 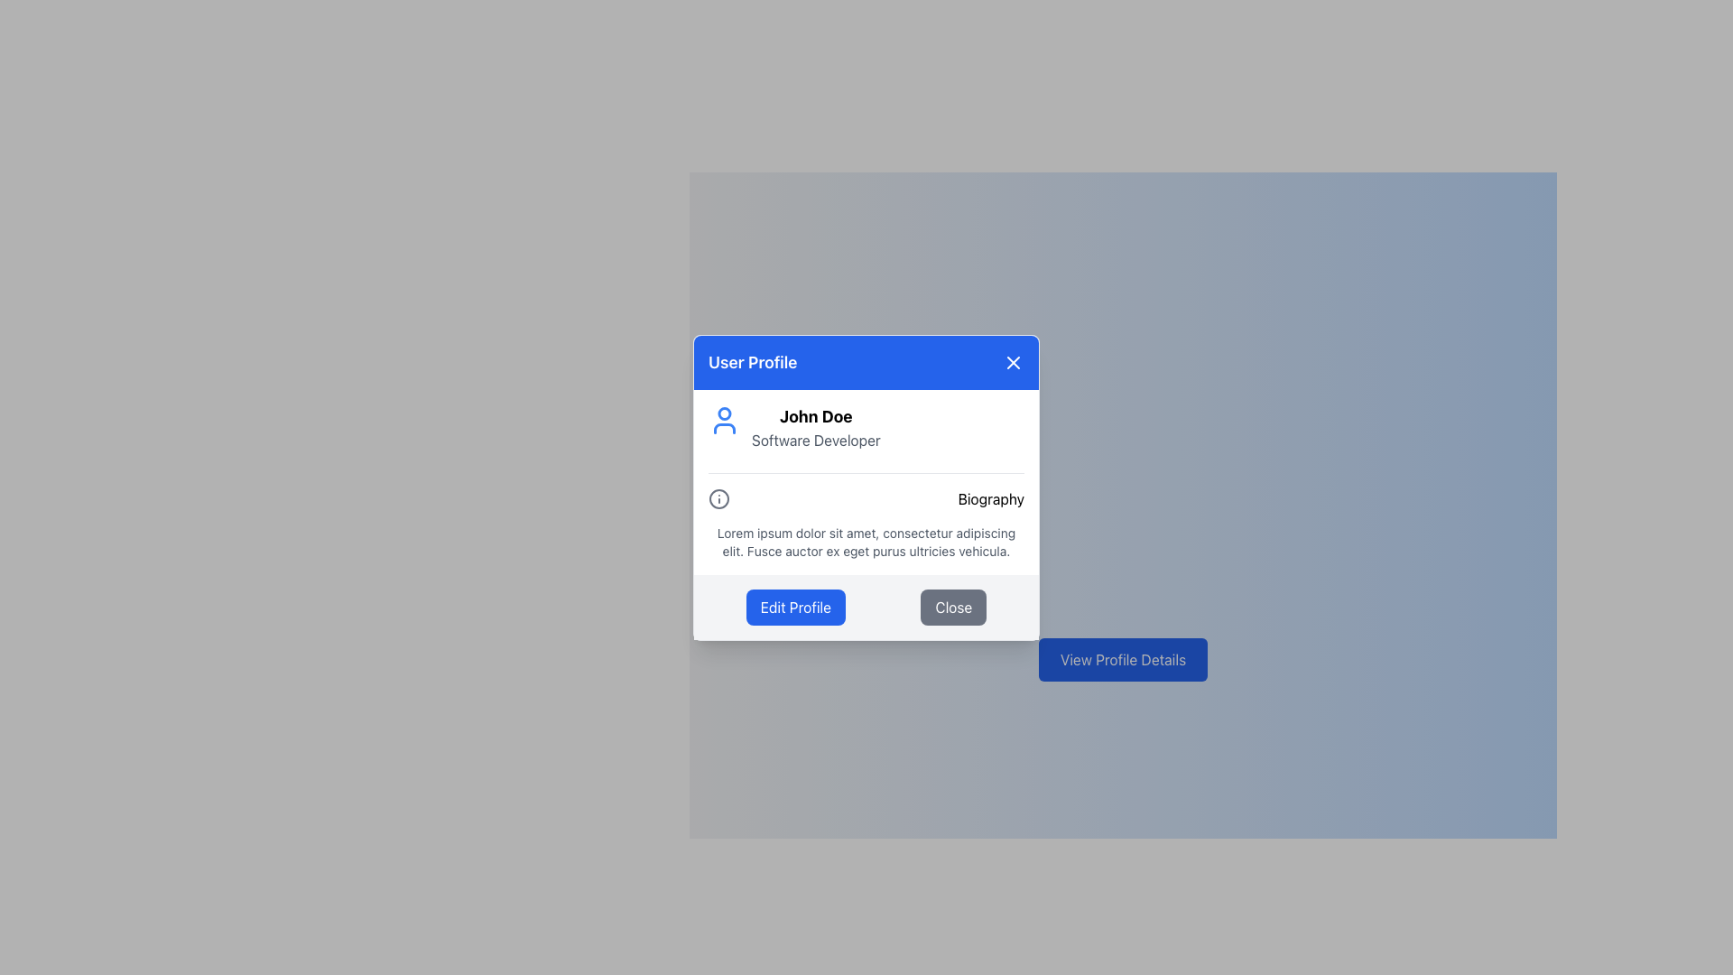 I want to click on the blue outline silhouette icon of a person that represents the user's profile, located to the left of the text 'John Doe', so click(x=724, y=420).